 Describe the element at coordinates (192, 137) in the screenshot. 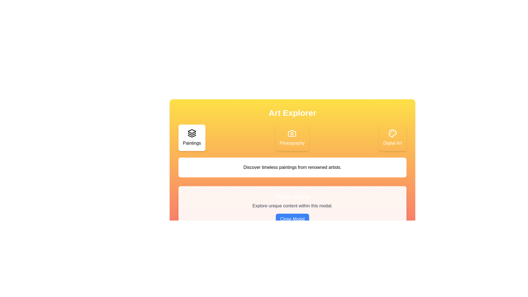

I see `the Paintings tab to view its content` at that location.